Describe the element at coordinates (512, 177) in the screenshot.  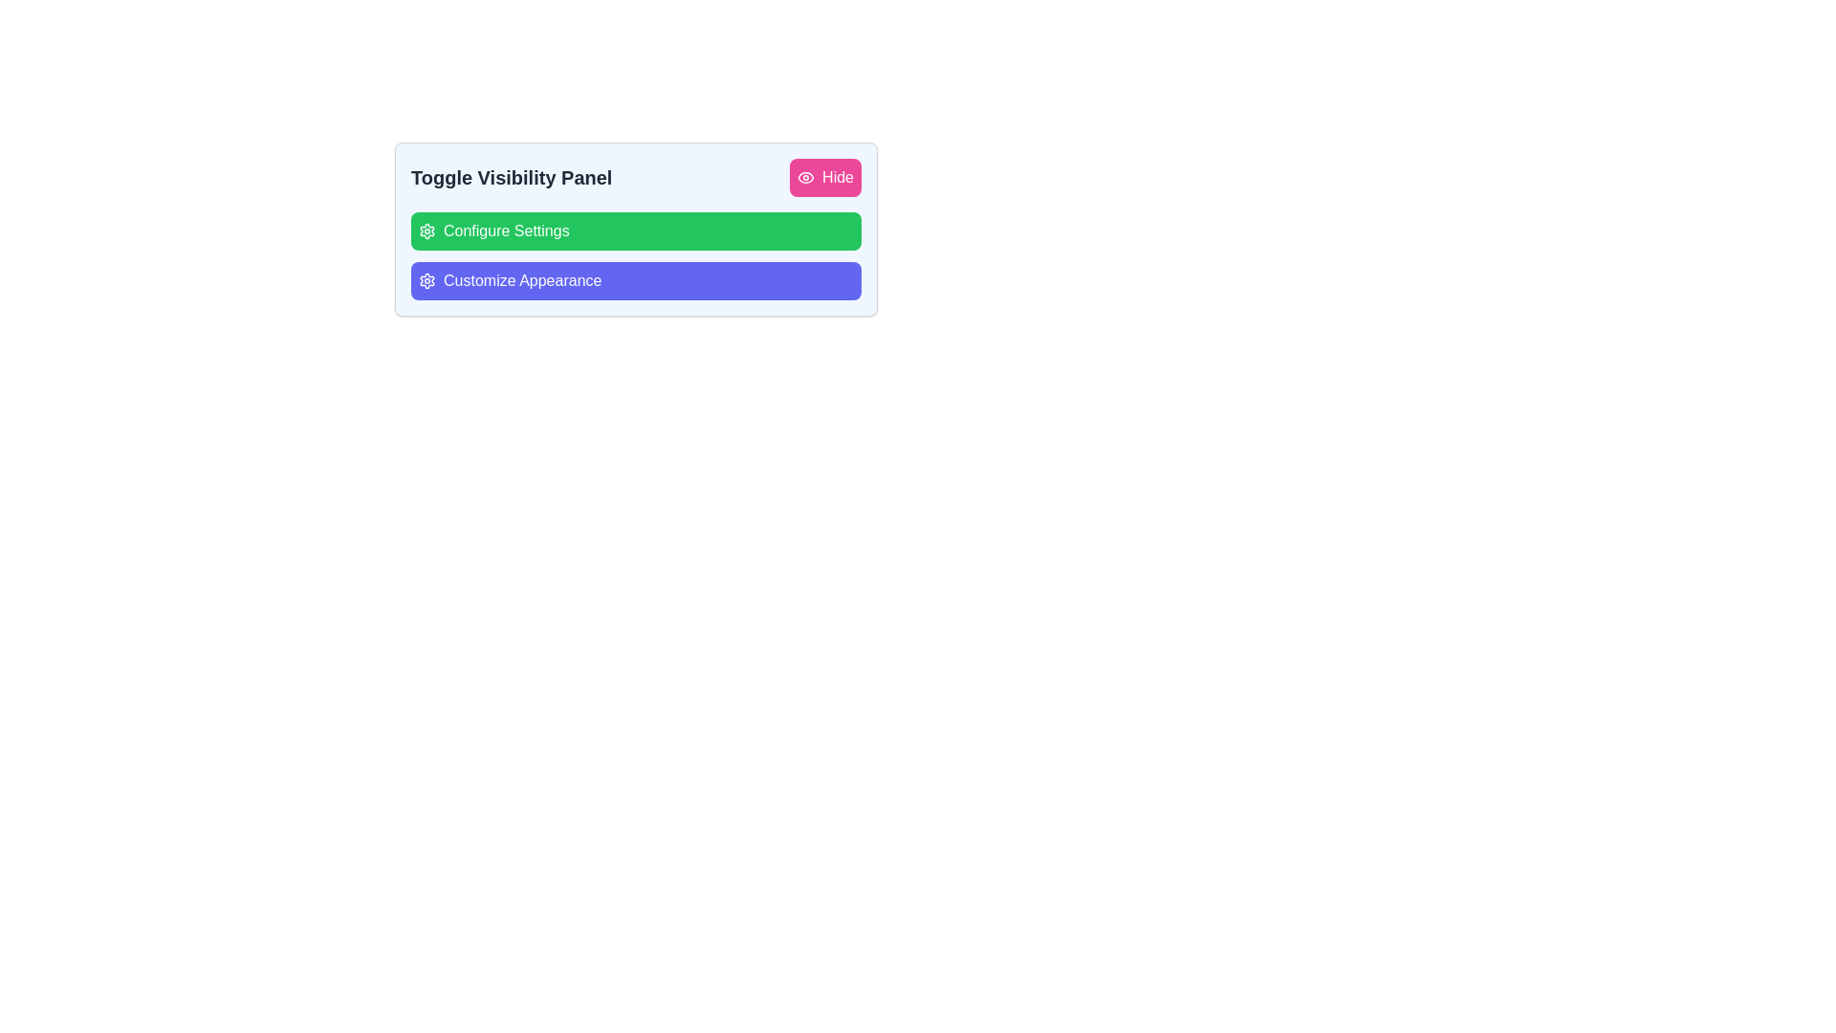
I see `the text label displaying 'Toggle Visibility Panel', which is styled in bold with a dark theme color, located at the top-left of its containing box` at that location.